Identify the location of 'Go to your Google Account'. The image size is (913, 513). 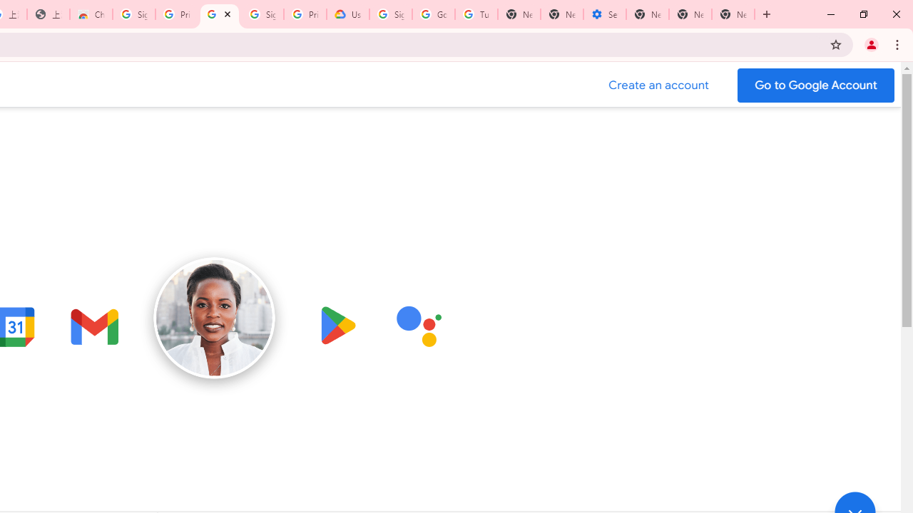
(816, 85).